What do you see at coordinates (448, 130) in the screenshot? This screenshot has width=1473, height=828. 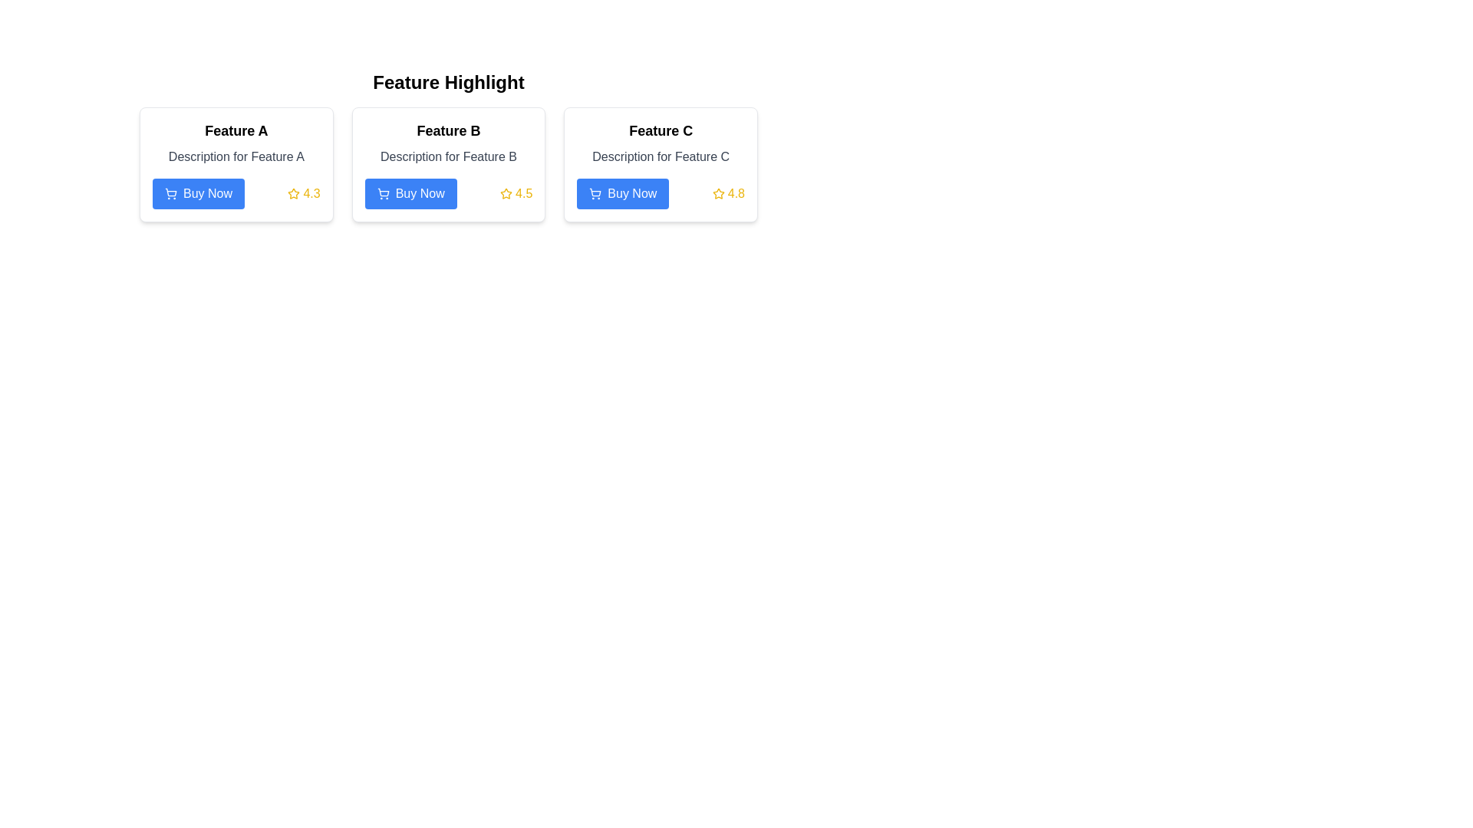 I see `title text located at the top of the second card in a row of three cards, positioned below the heading 'Feature Highlight'` at bounding box center [448, 130].